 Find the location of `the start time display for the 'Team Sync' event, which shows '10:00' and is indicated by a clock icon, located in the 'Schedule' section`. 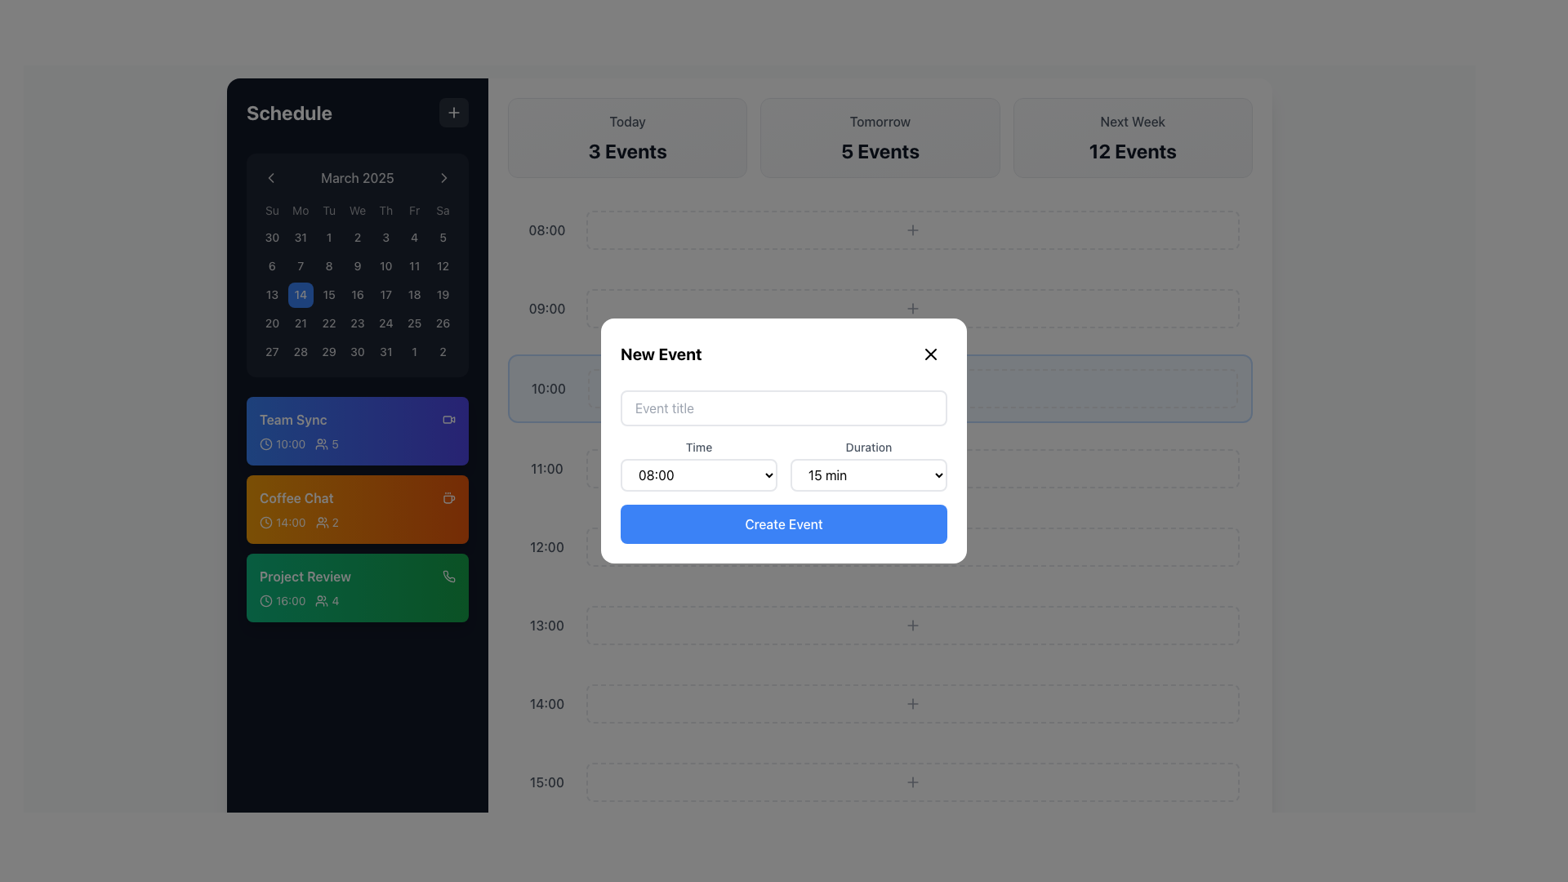

the start time display for the 'Team Sync' event, which shows '10:00' and is indicated by a clock icon, located in the 'Schedule' section is located at coordinates (283, 444).